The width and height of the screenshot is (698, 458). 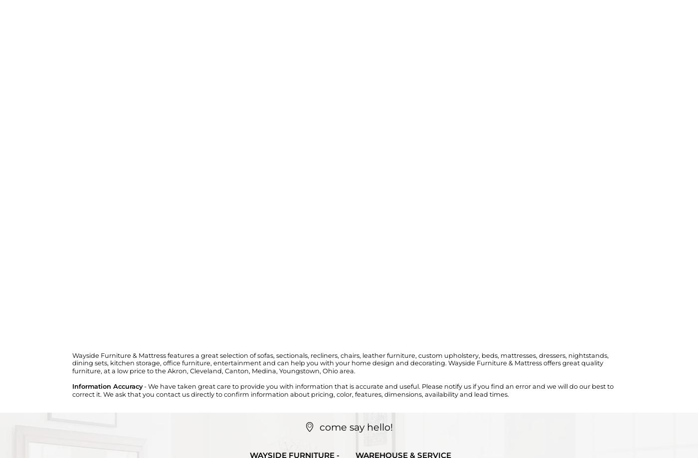 I want to click on 'kitchen storage', so click(x=135, y=362).